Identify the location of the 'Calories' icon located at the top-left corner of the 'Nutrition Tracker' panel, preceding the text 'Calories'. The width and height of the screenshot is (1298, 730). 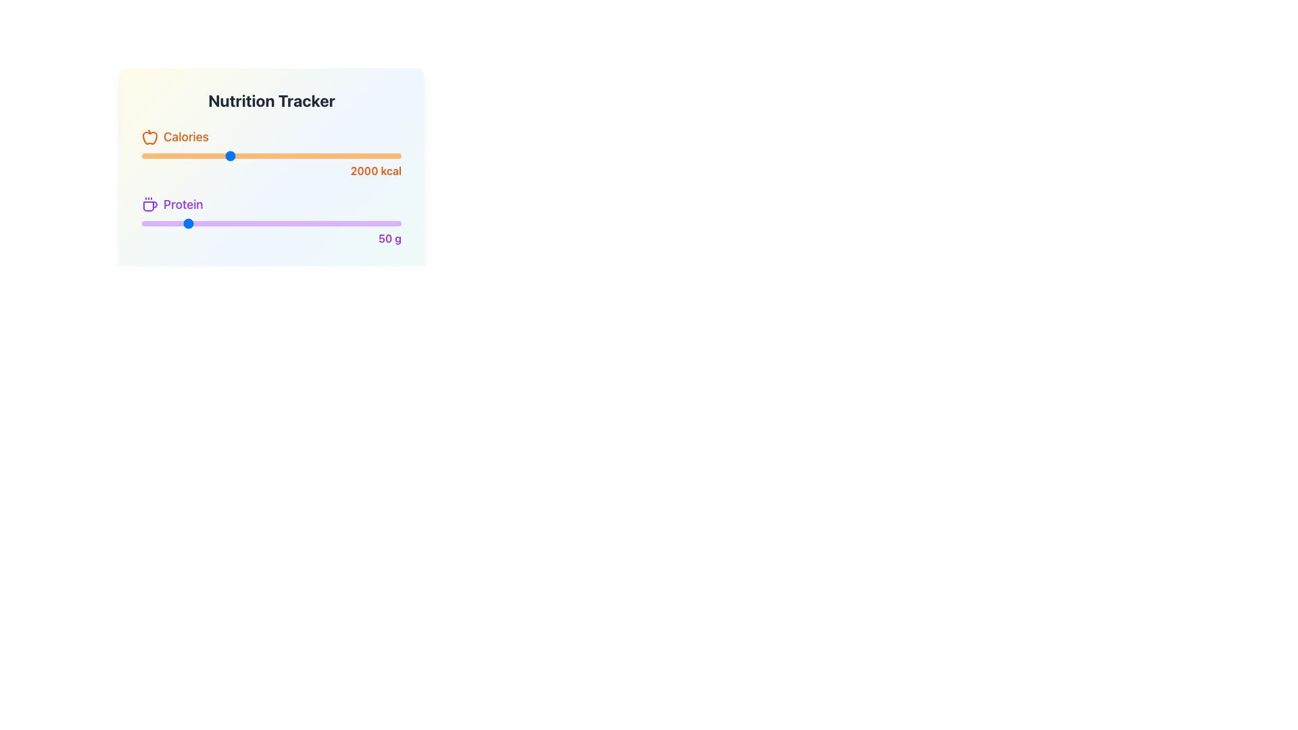
(149, 137).